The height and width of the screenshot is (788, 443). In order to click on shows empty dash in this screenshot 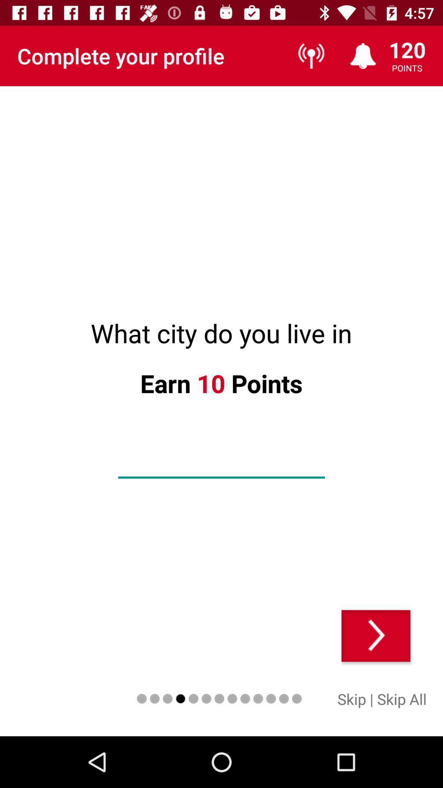, I will do `click(221, 464)`.